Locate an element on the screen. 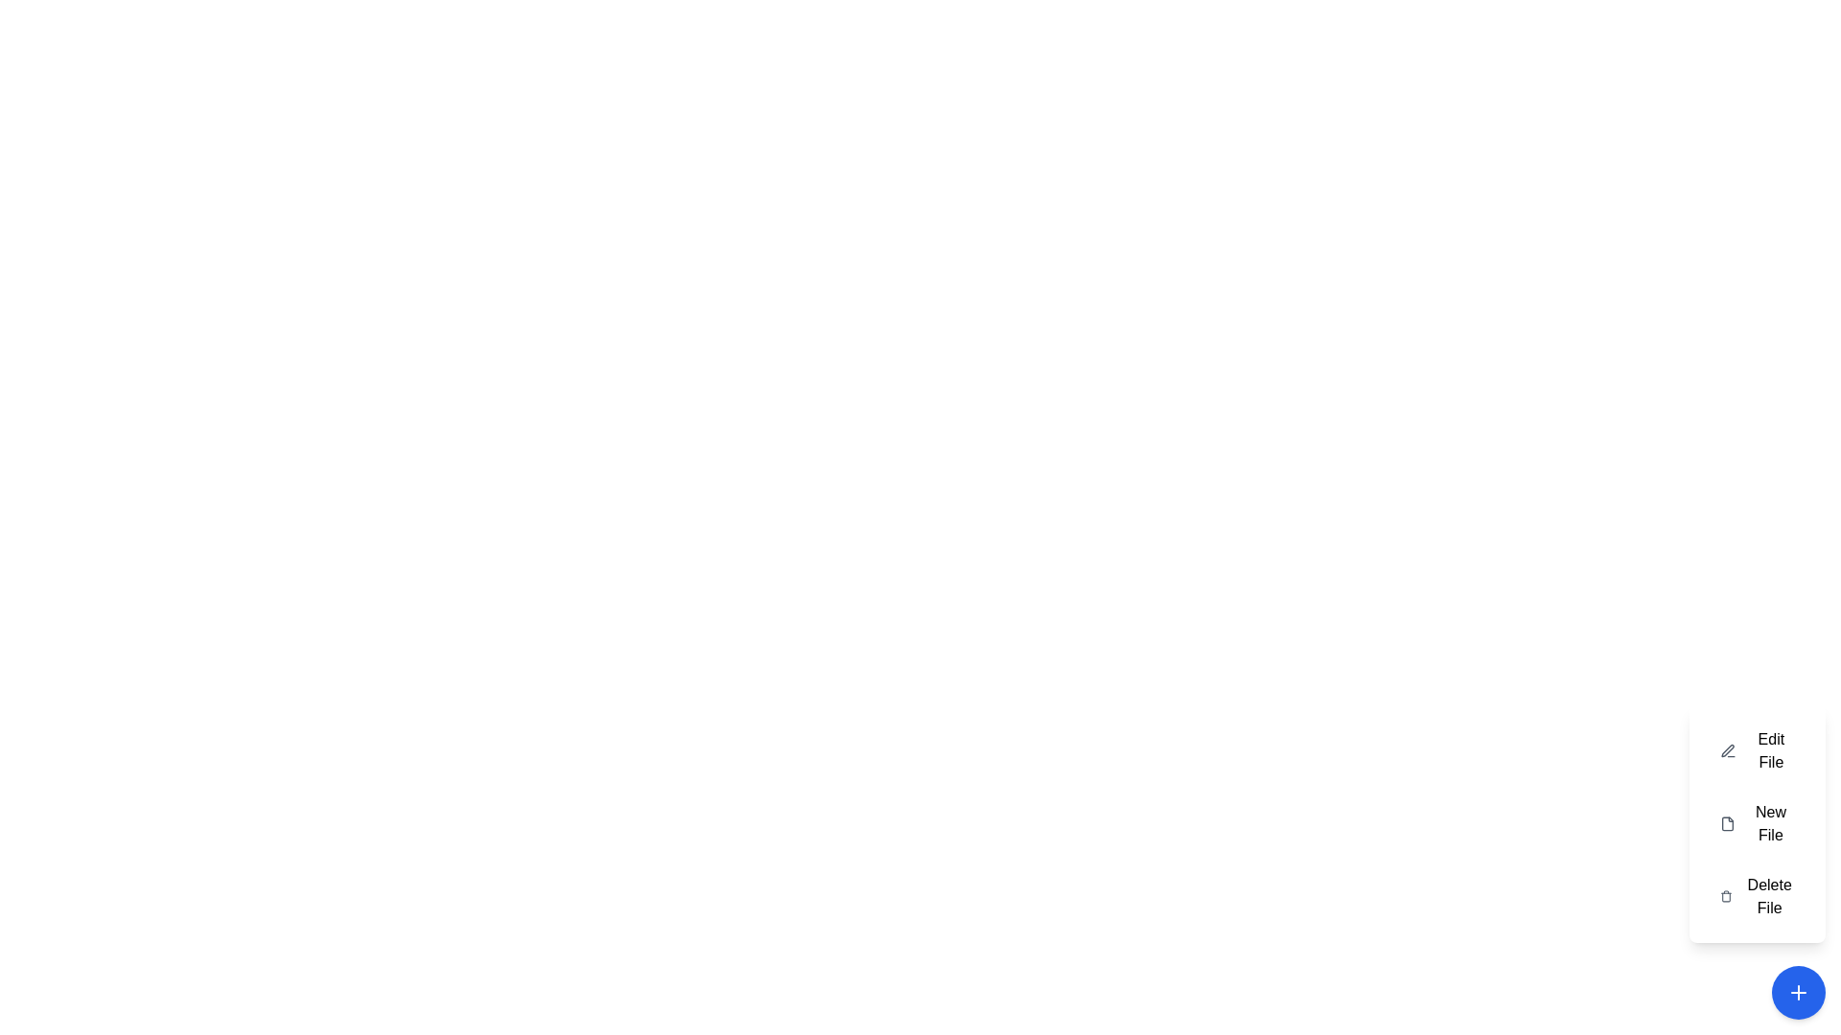  the pen and ruler icon located towards the bottom-right corner of the interface to initiate an action is located at coordinates (1727, 749).